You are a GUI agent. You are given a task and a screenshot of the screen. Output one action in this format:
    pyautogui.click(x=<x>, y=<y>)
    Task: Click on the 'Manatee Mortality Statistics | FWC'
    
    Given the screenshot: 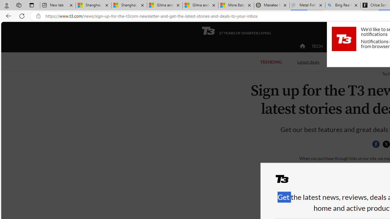 What is the action you would take?
    pyautogui.click(x=271, y=5)
    